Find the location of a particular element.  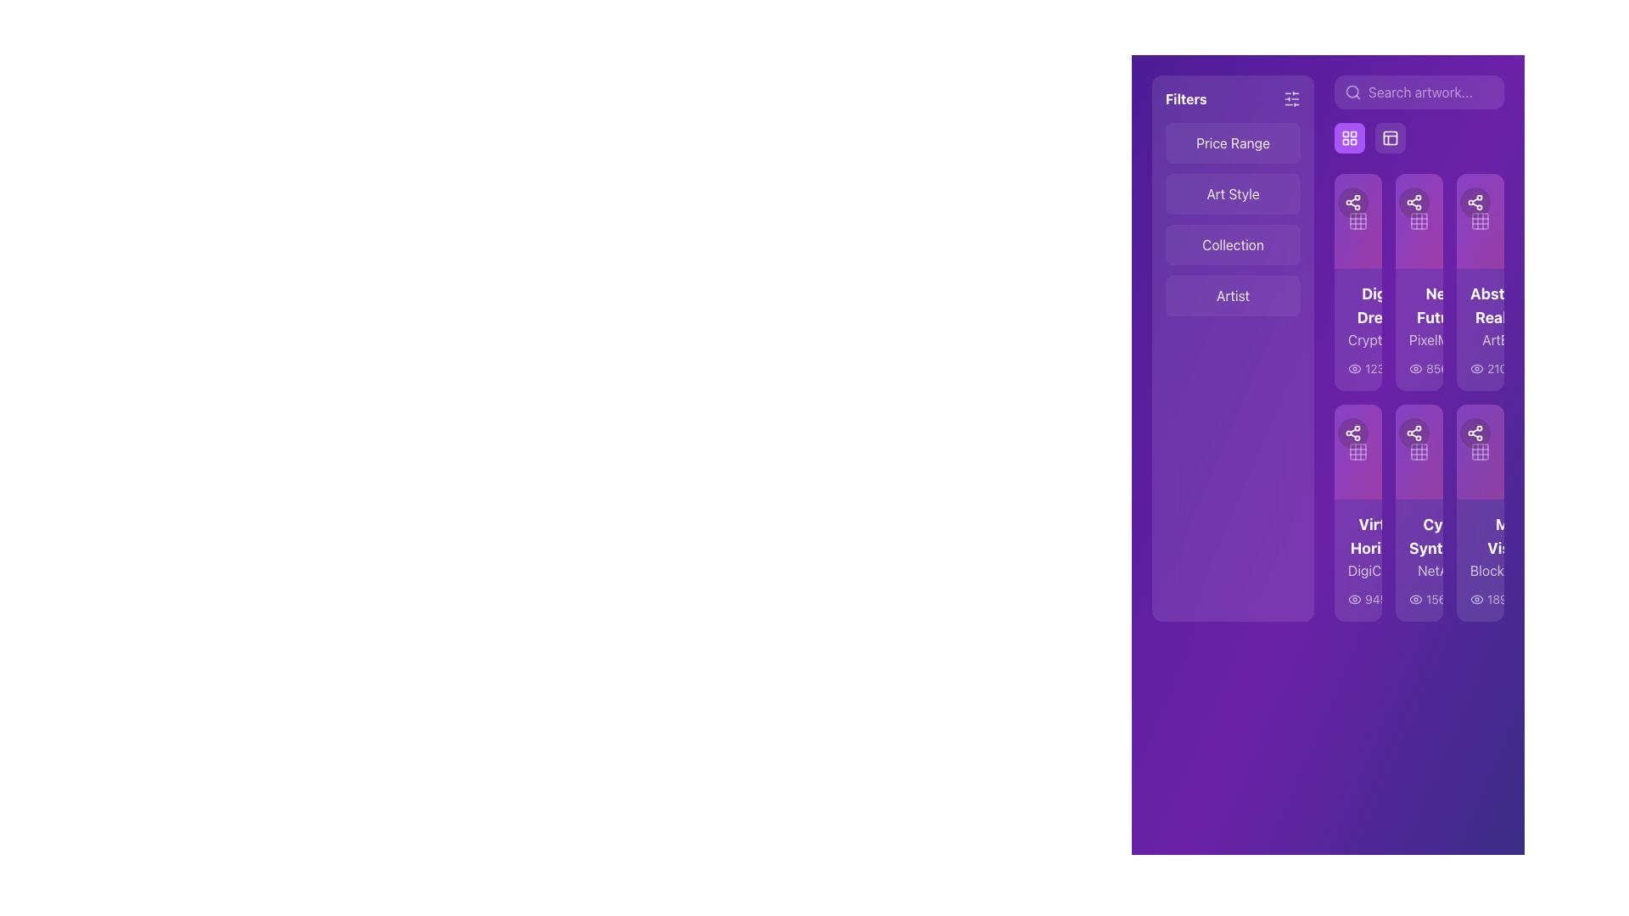

the eye icon located to the left of the numerical counter '856' in the sidebar section of the layout is located at coordinates (1416, 368).